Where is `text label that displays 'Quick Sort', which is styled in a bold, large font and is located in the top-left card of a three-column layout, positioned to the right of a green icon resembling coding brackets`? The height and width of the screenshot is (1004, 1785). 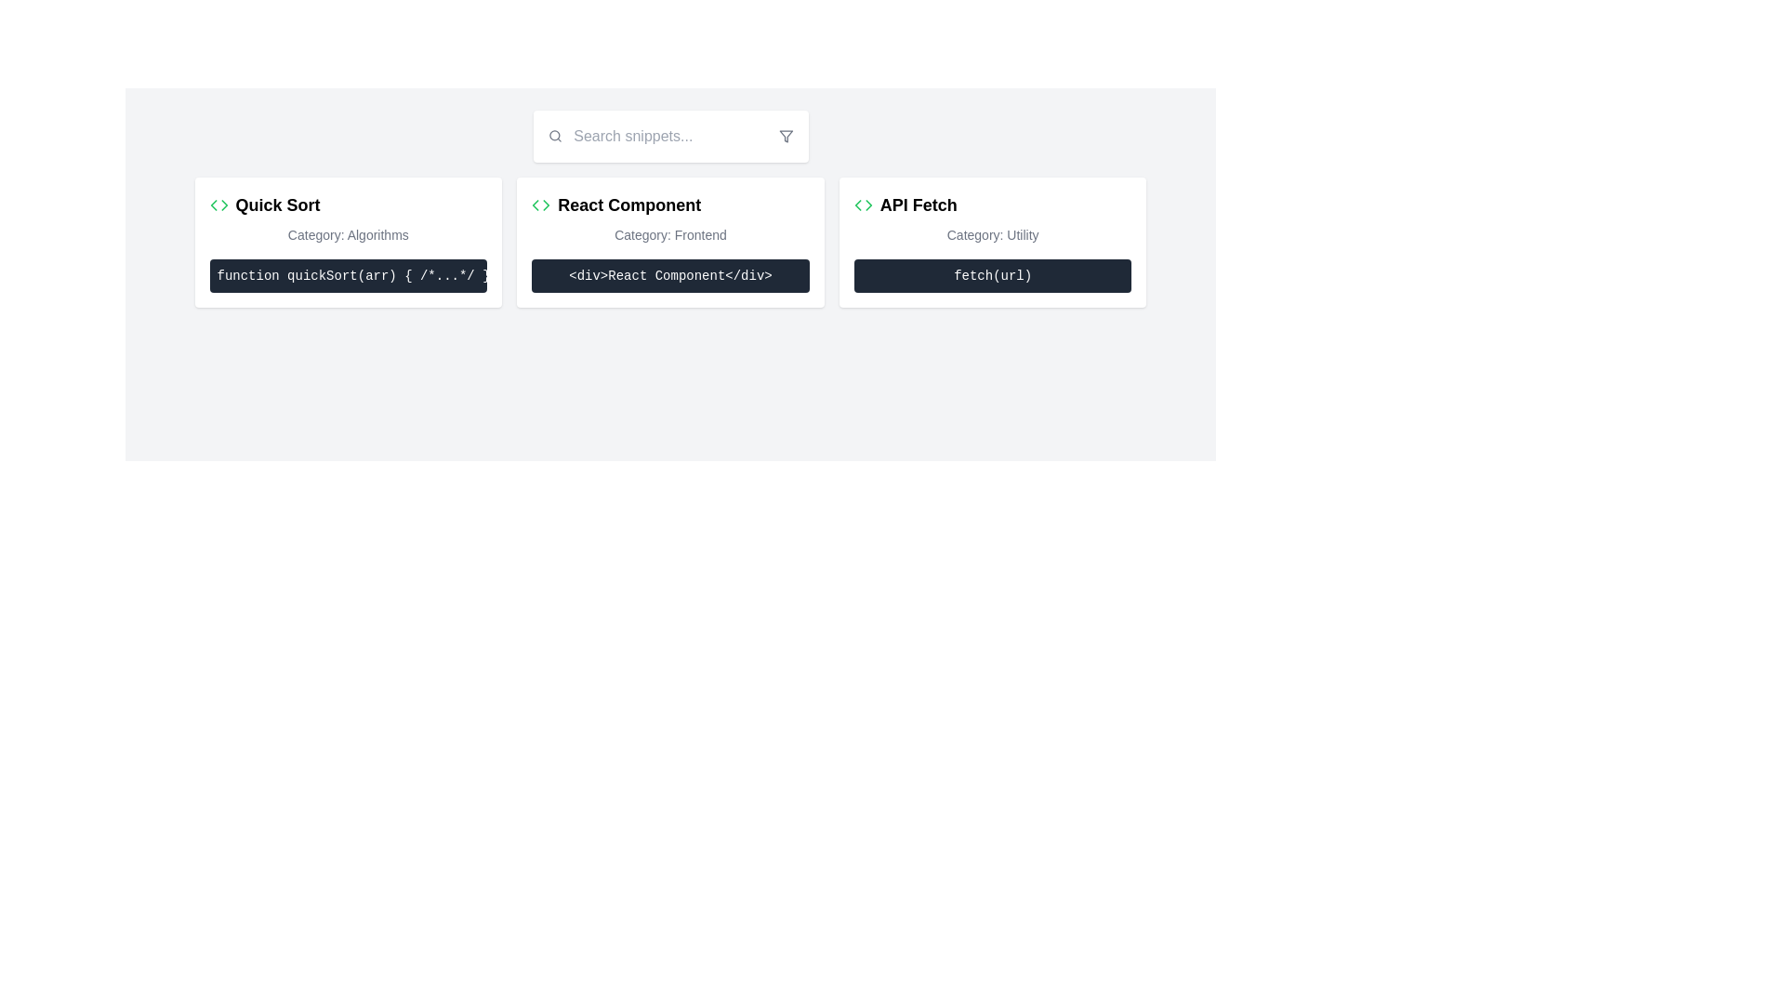
text label that displays 'Quick Sort', which is styled in a bold, large font and is located in the top-left card of a three-column layout, positioned to the right of a green icon resembling coding brackets is located at coordinates (276, 205).